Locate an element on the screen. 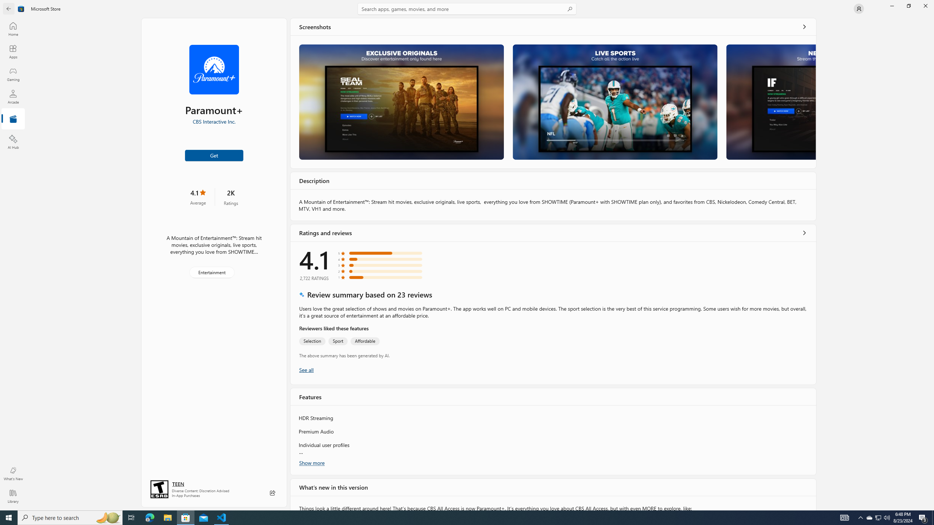  'Class: Image' is located at coordinates (21, 8).